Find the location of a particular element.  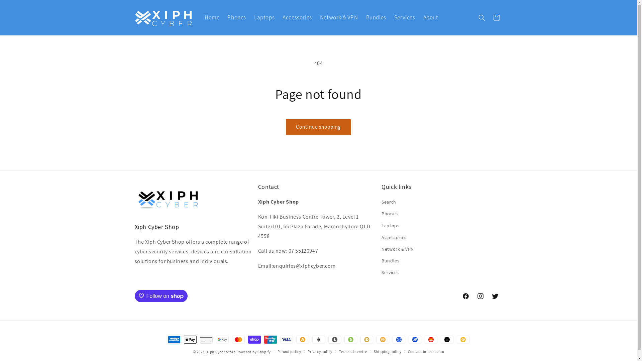

'Home' is located at coordinates (211, 17).